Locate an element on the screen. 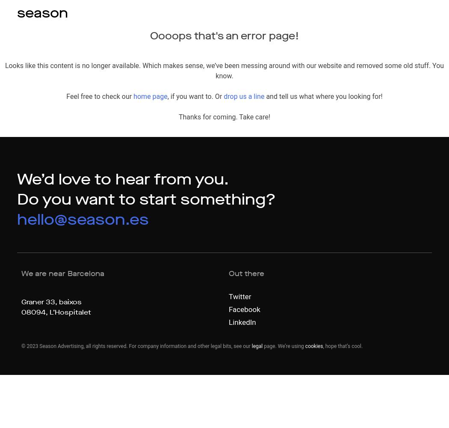  'Thanks for coming. Take care!' is located at coordinates (224, 117).